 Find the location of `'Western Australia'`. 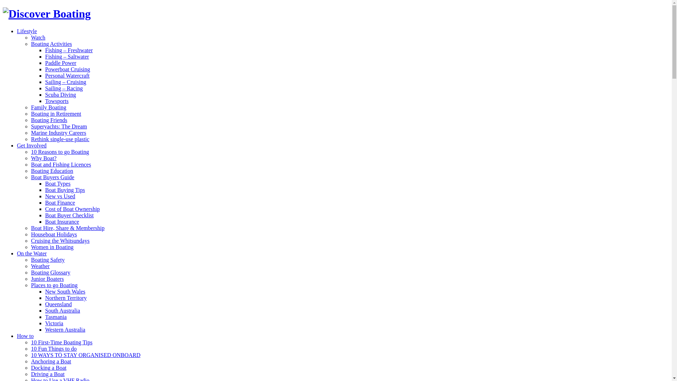

'Western Australia' is located at coordinates (65, 329).